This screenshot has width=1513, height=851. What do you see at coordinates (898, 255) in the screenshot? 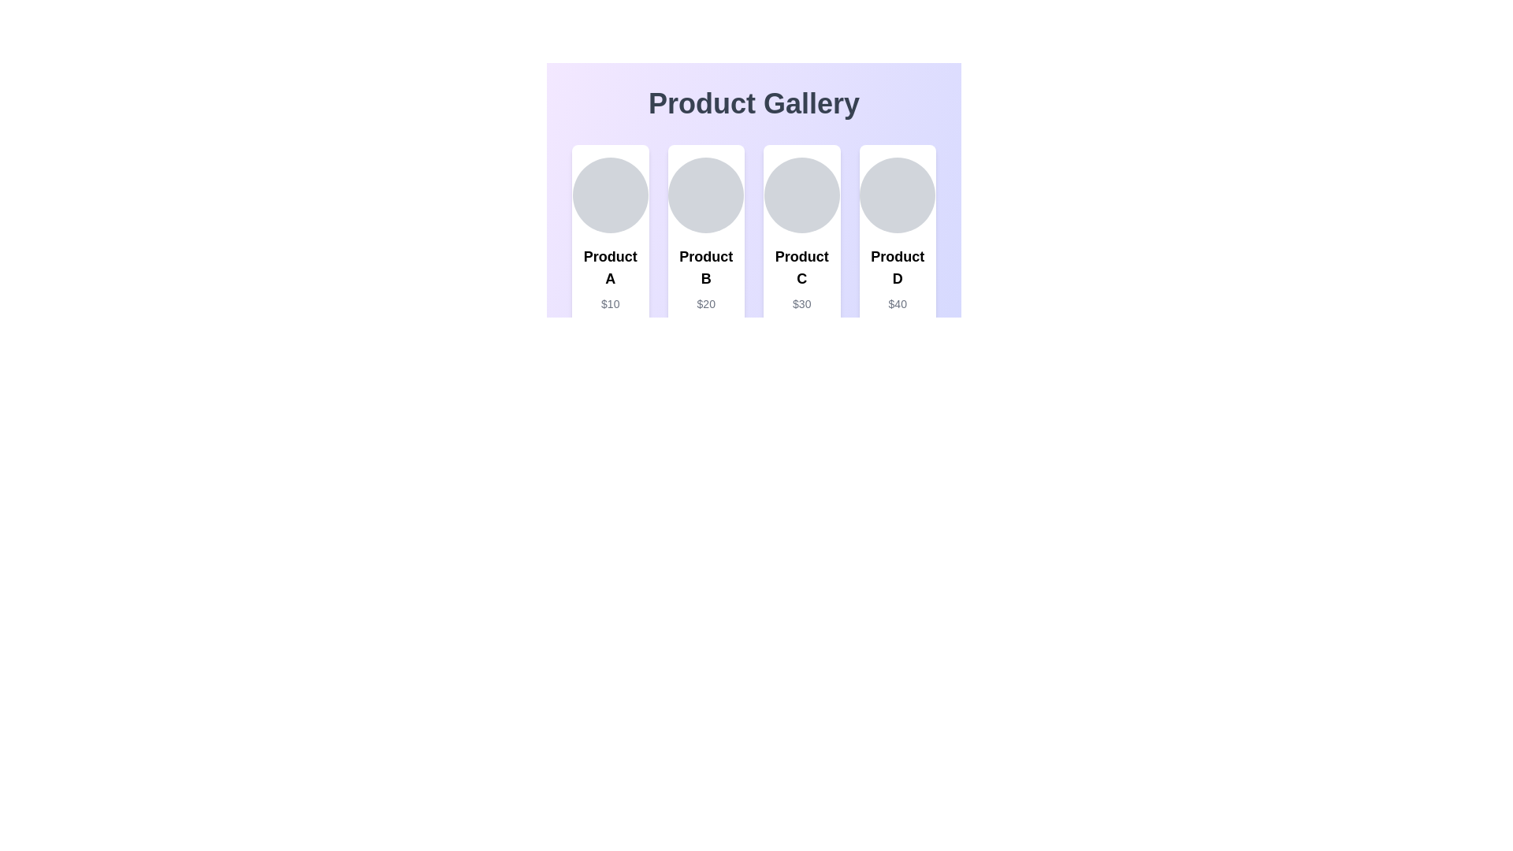
I see `the Product Card displaying 'Product D' priced at '$40' for more details` at bounding box center [898, 255].